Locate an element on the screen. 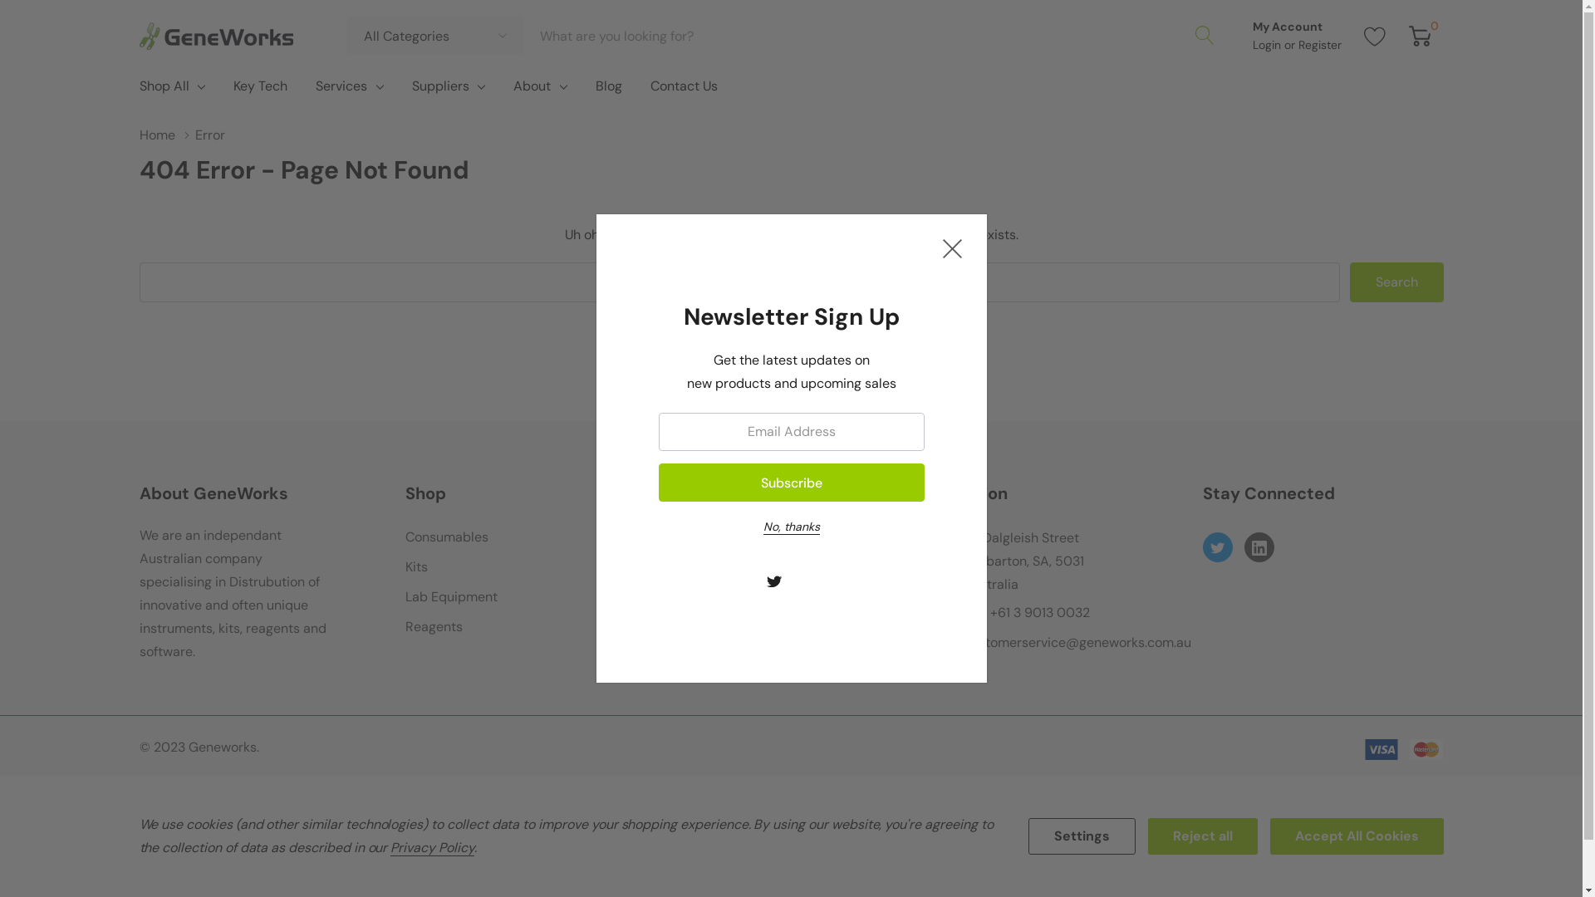  'Subscribe' is located at coordinates (789, 483).